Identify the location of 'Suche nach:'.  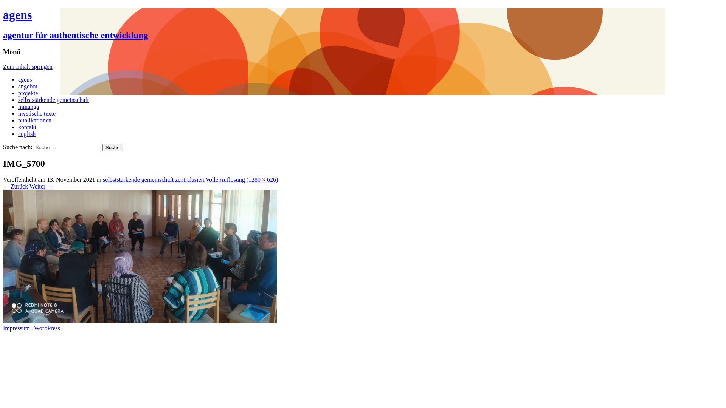
(67, 147).